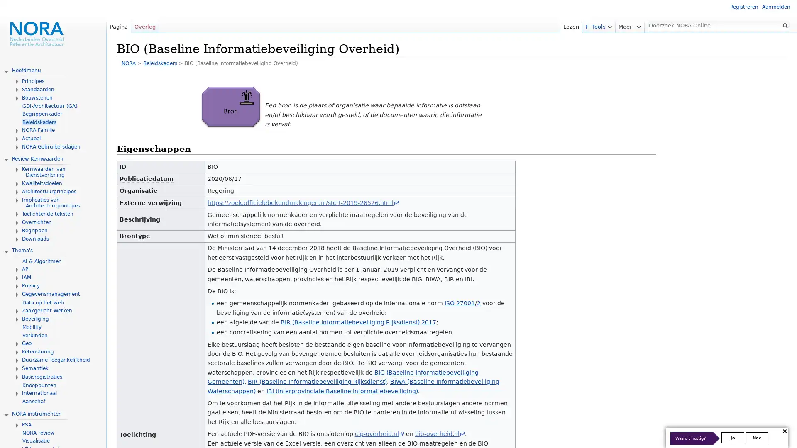 The width and height of the screenshot is (797, 448). I want to click on OK, so click(785, 25).